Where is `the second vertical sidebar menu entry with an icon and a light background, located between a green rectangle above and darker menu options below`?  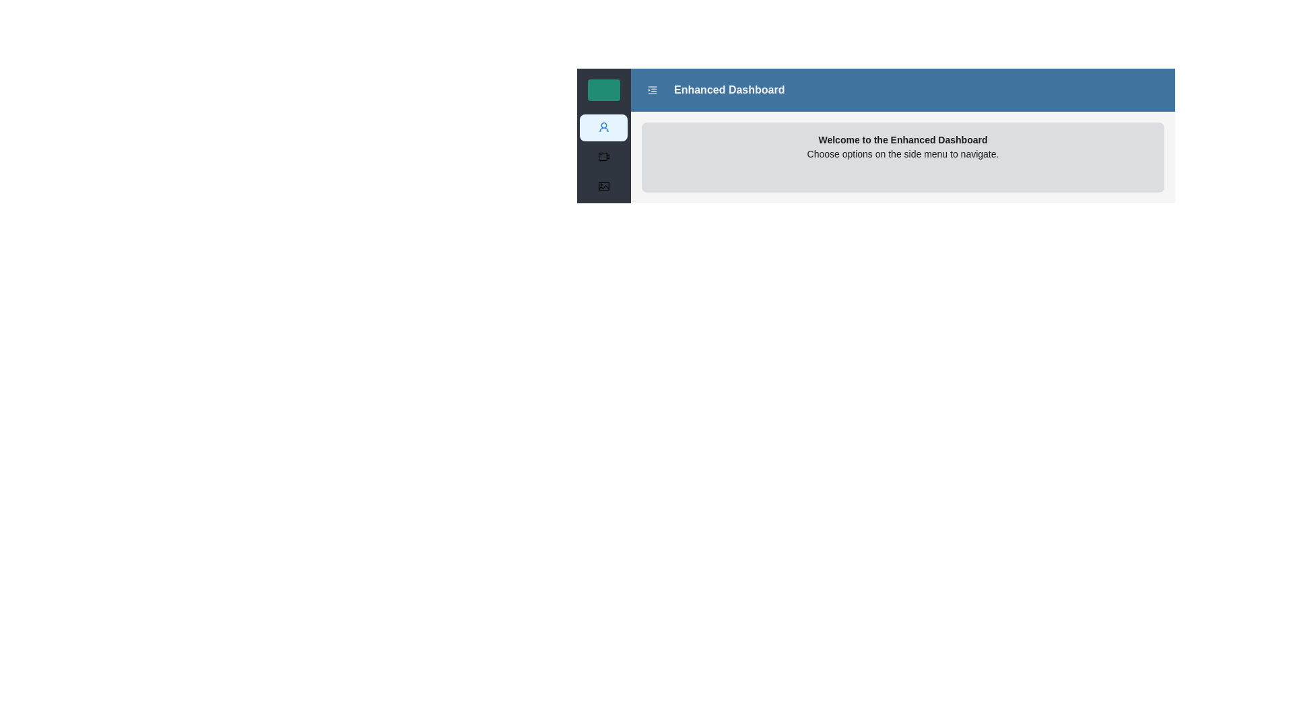 the second vertical sidebar menu entry with an icon and a light background, located between a green rectangle above and darker menu options below is located at coordinates (603, 135).